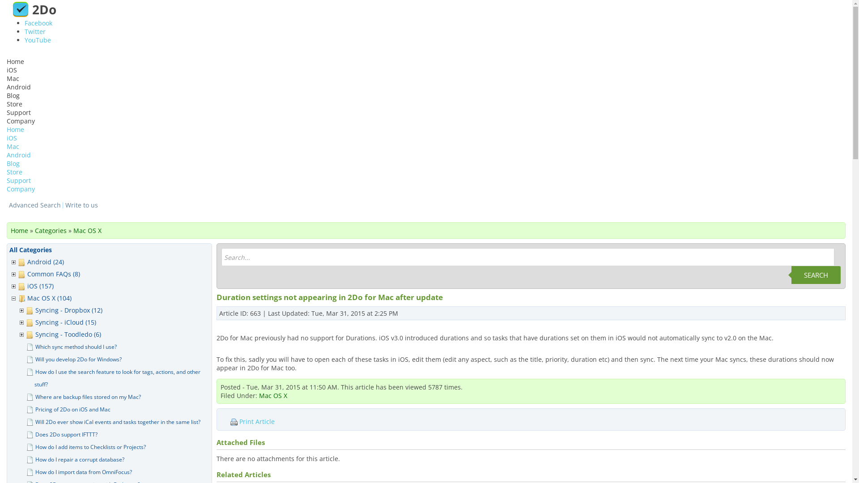  I want to click on 'Common FAQs (8)', so click(26, 273).